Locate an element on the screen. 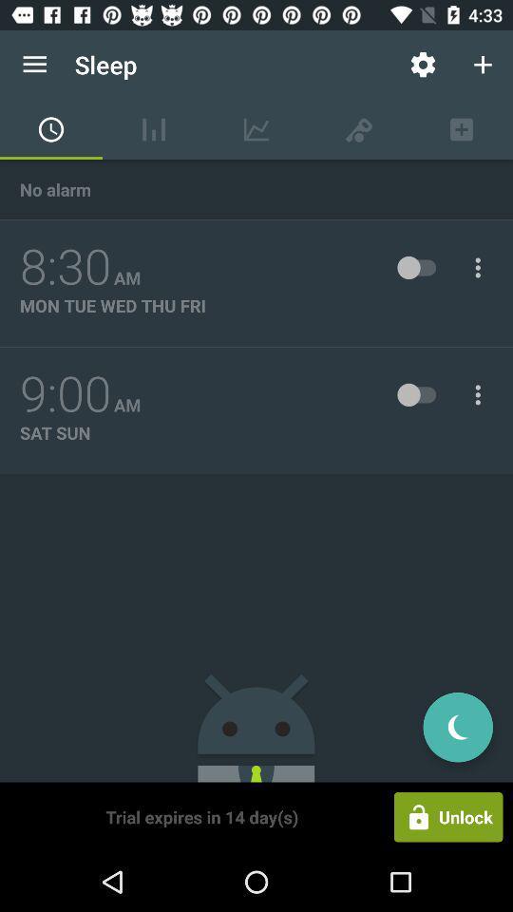 The image size is (513, 912). item above sat sun item is located at coordinates (65, 393).